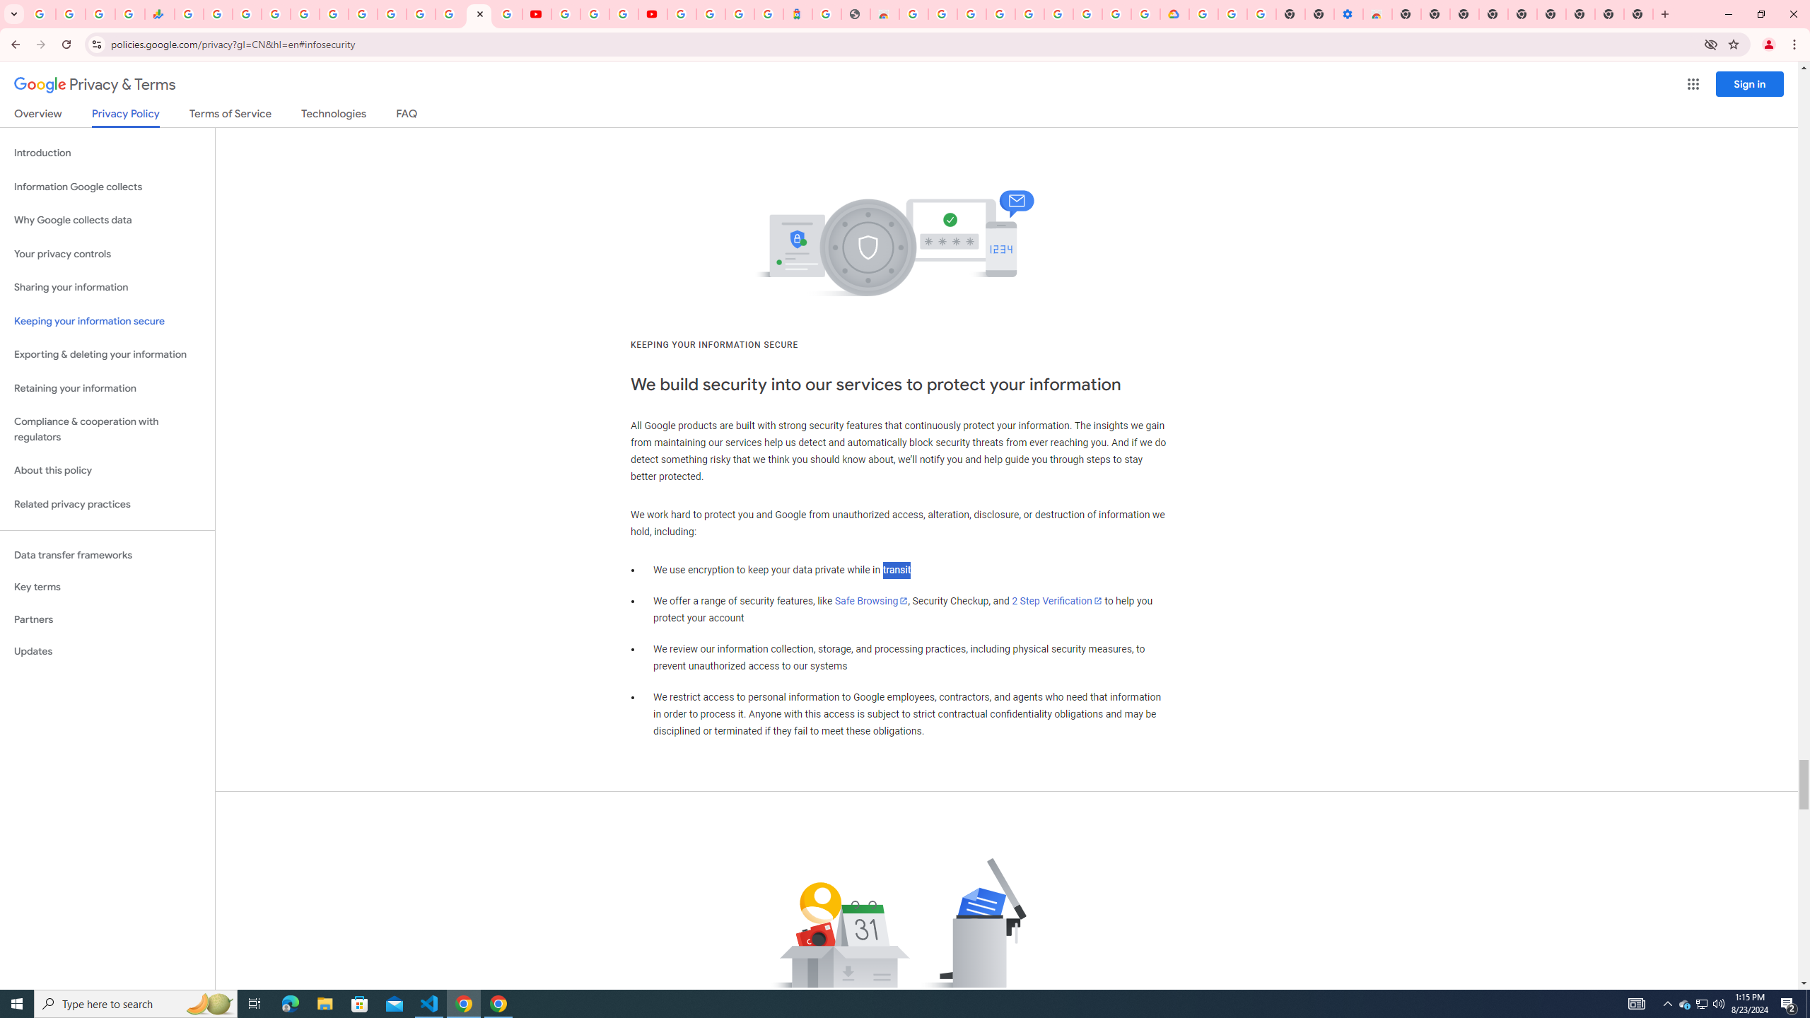  Describe the element at coordinates (107, 286) in the screenshot. I see `'Sharing your information'` at that location.